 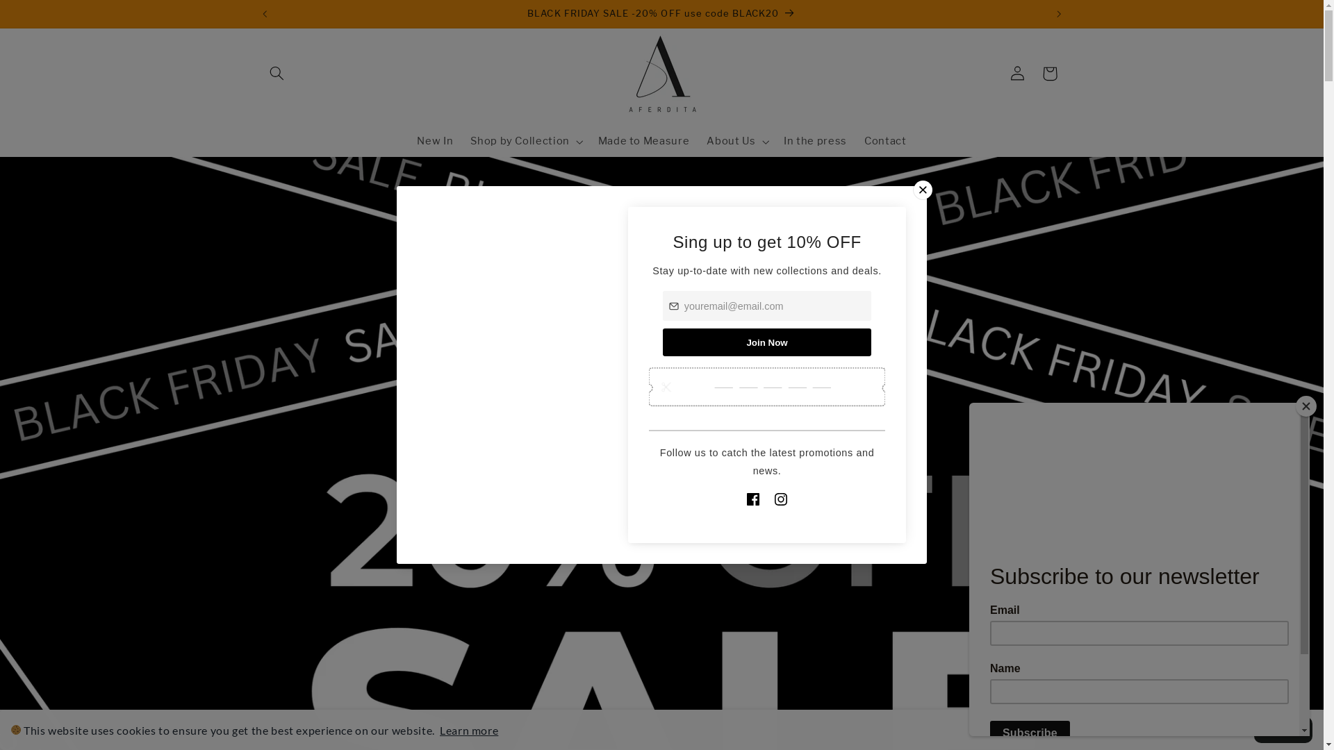 What do you see at coordinates (1034, 73) in the screenshot?
I see `'Cart'` at bounding box center [1034, 73].